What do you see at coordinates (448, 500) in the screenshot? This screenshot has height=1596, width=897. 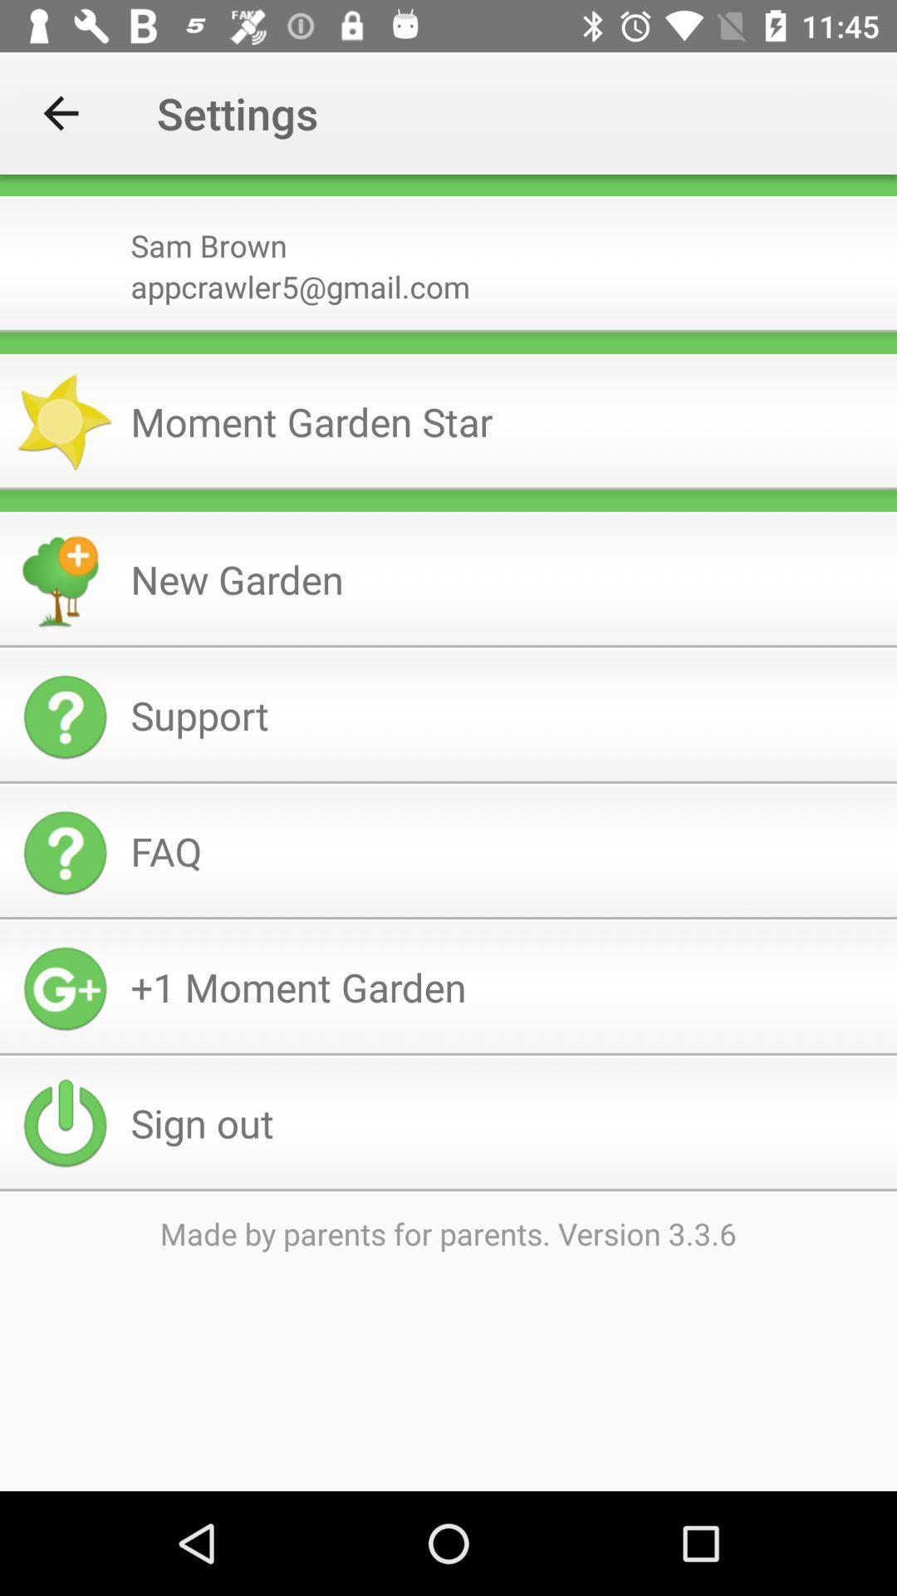 I see `item` at bounding box center [448, 500].